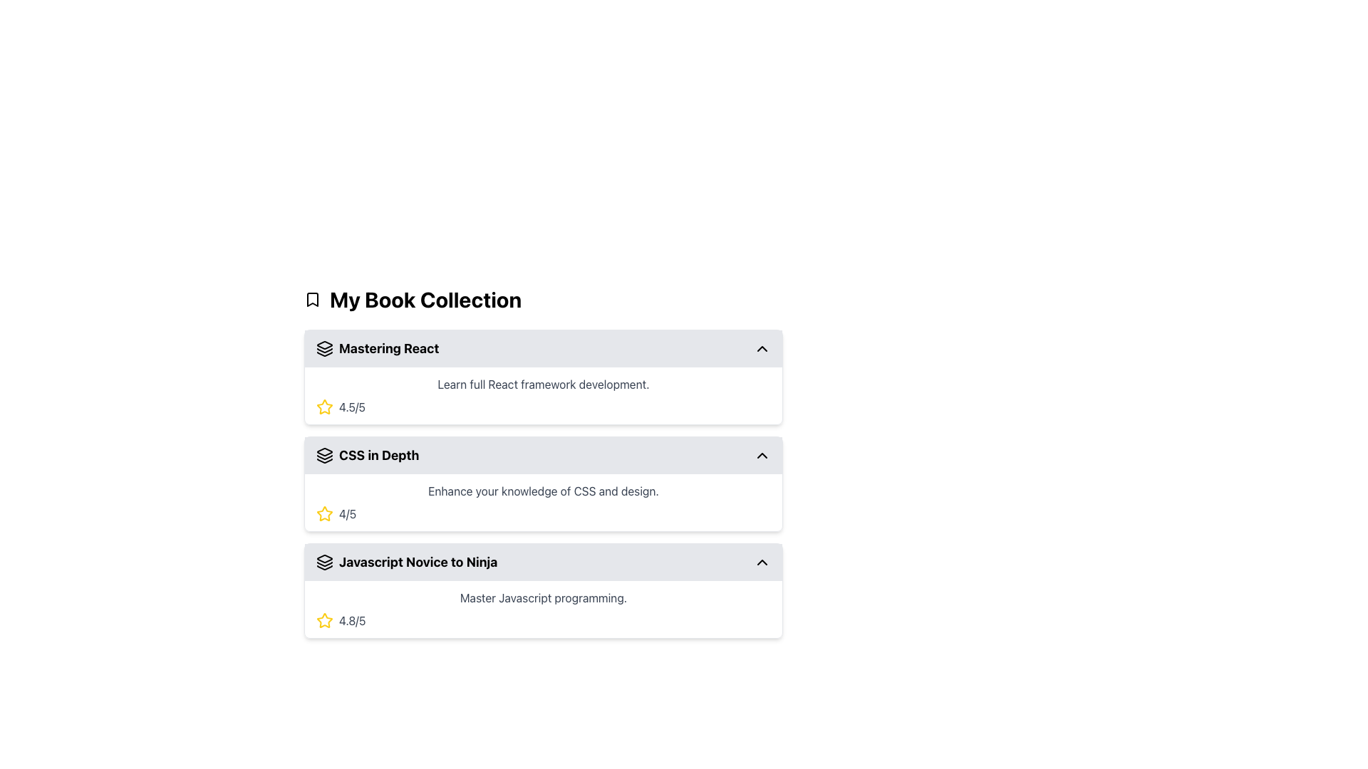 Image resolution: width=1368 pixels, height=769 pixels. I want to click on the Item Header labeled 'CSS in Depth', which is represented by a small graphic of stacked layers and located in the second item of the 'My Book Collection' section, so click(368, 456).